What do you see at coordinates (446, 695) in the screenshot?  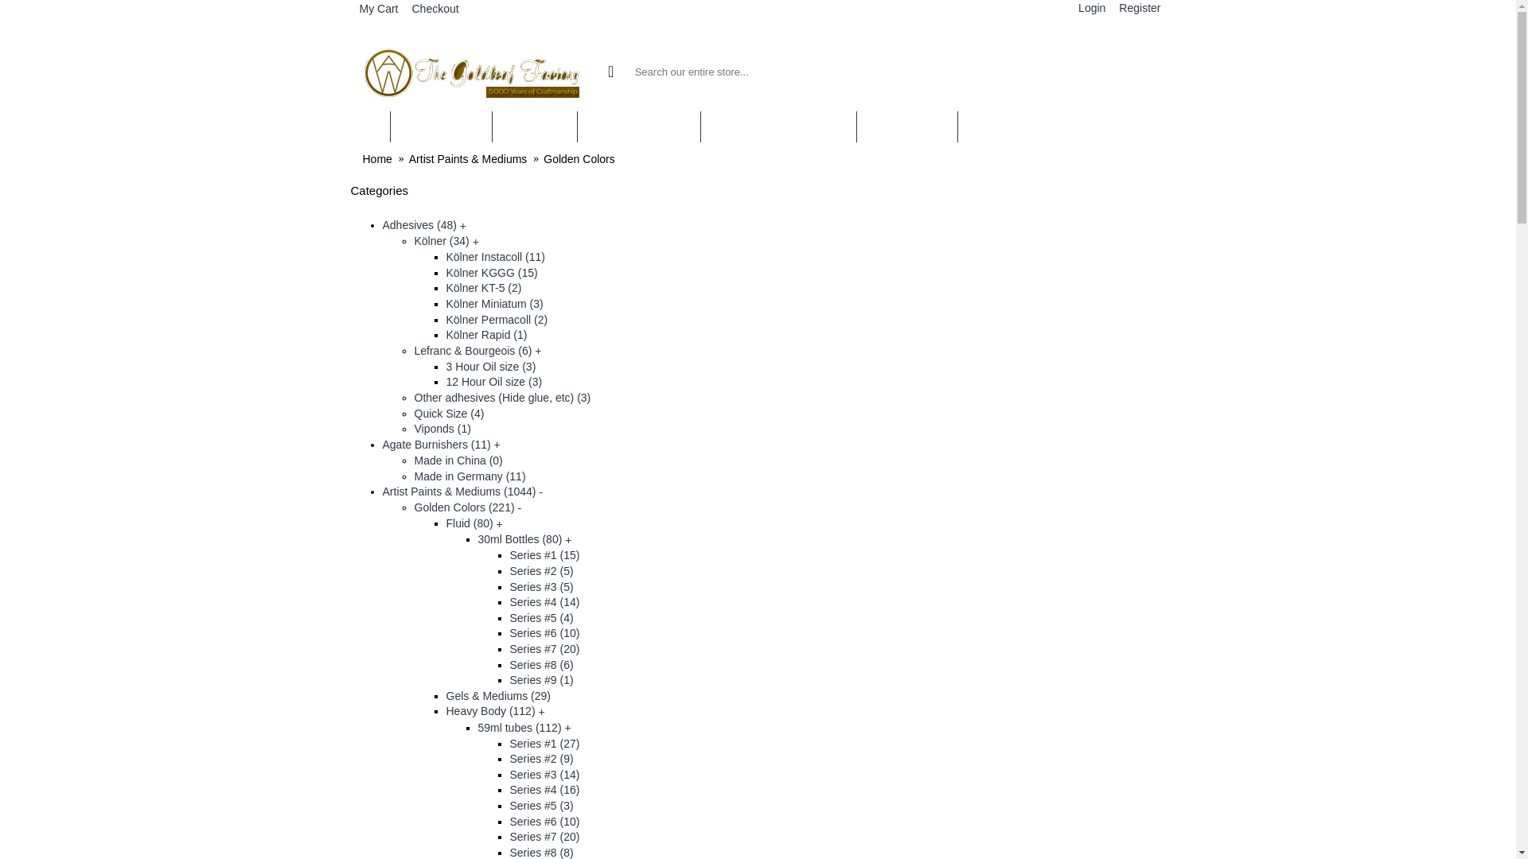 I see `'Gels & Mediums (29)'` at bounding box center [446, 695].